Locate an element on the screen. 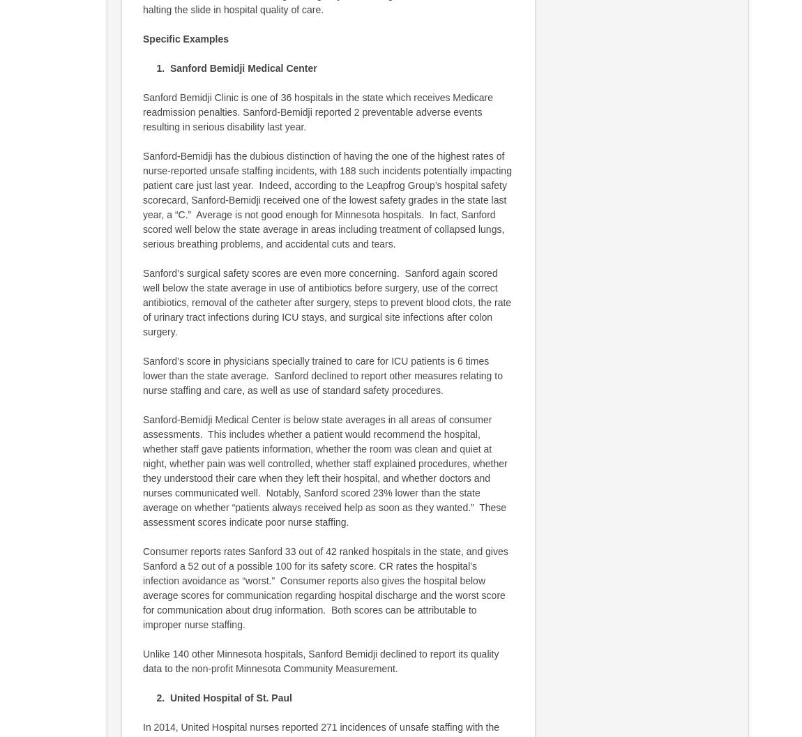 The image size is (802, 737). 'Sanford’s score in physicians specially trained to care for ICU patients is 6 times lower than the state average.  Sanford declined to report other measures relating to nurse staffing and care, as well as use of standard safety procedures.' is located at coordinates (322, 374).